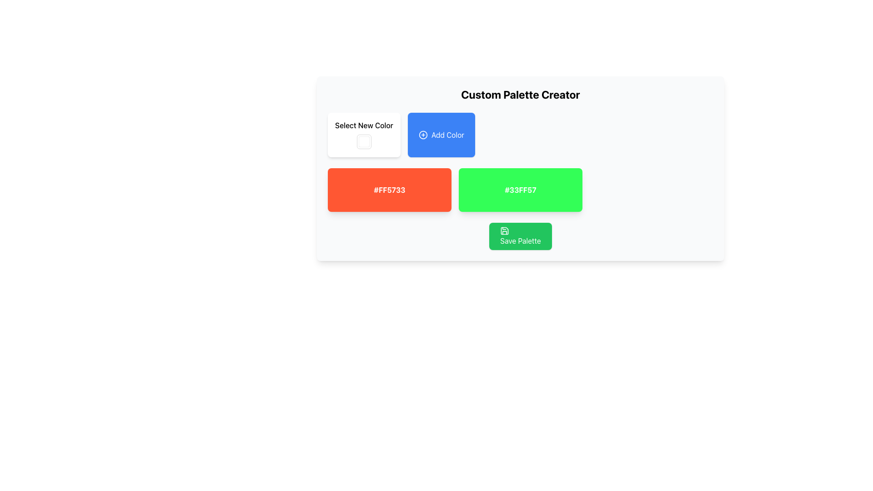 Image resolution: width=873 pixels, height=491 pixels. I want to click on the Color Picker Preview area located in the 'Select New Color' tile, so click(364, 142).